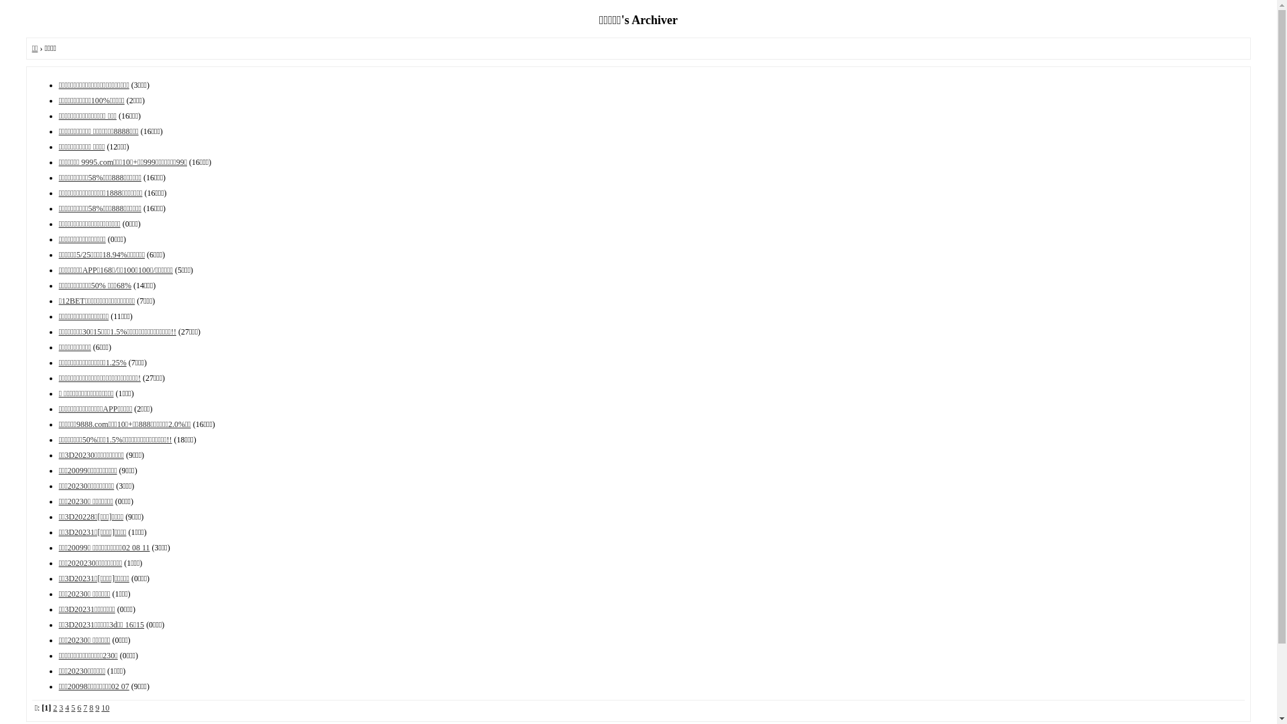  I want to click on '10', so click(105, 707).